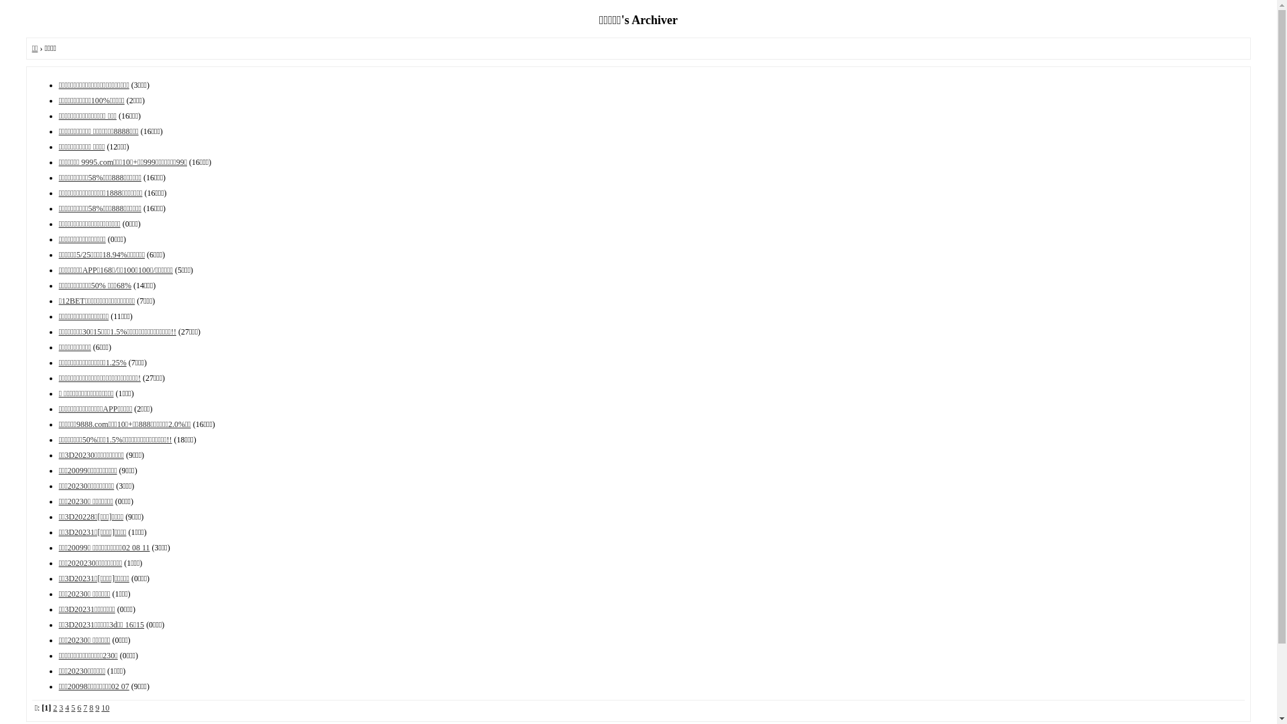  I want to click on '10', so click(105, 707).